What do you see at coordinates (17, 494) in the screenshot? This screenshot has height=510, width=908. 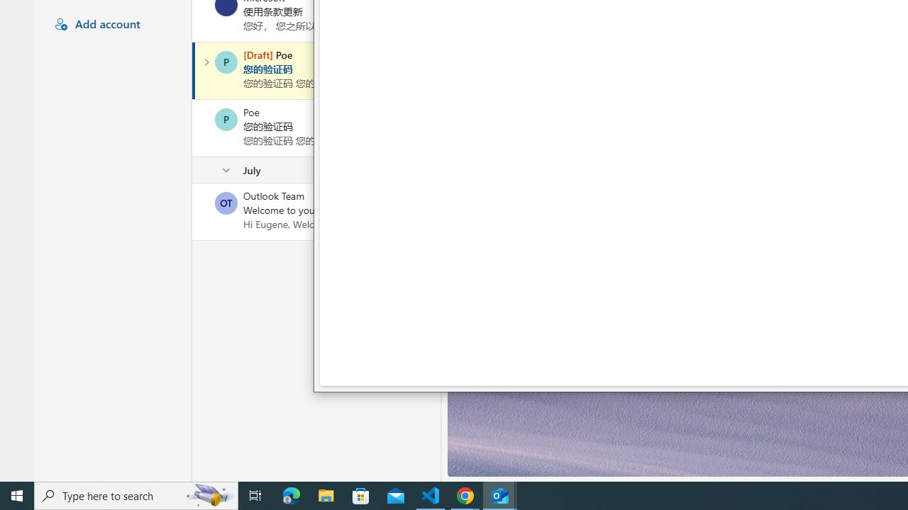 I see `'Start'` at bounding box center [17, 494].